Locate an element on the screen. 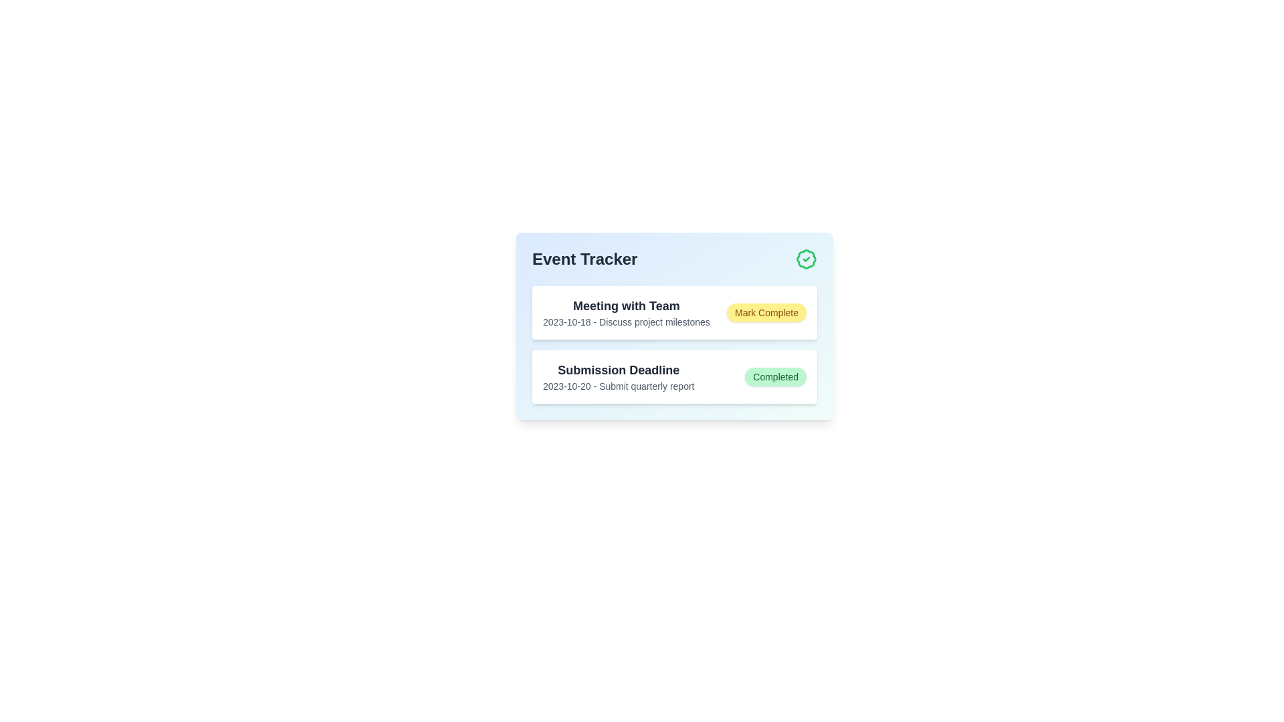 The image size is (1284, 722). the Text Block that displays 'Meeting with Team' with additional details underneath about the date and description, located within the first event card under 'Event Tracker' is located at coordinates (625, 312).